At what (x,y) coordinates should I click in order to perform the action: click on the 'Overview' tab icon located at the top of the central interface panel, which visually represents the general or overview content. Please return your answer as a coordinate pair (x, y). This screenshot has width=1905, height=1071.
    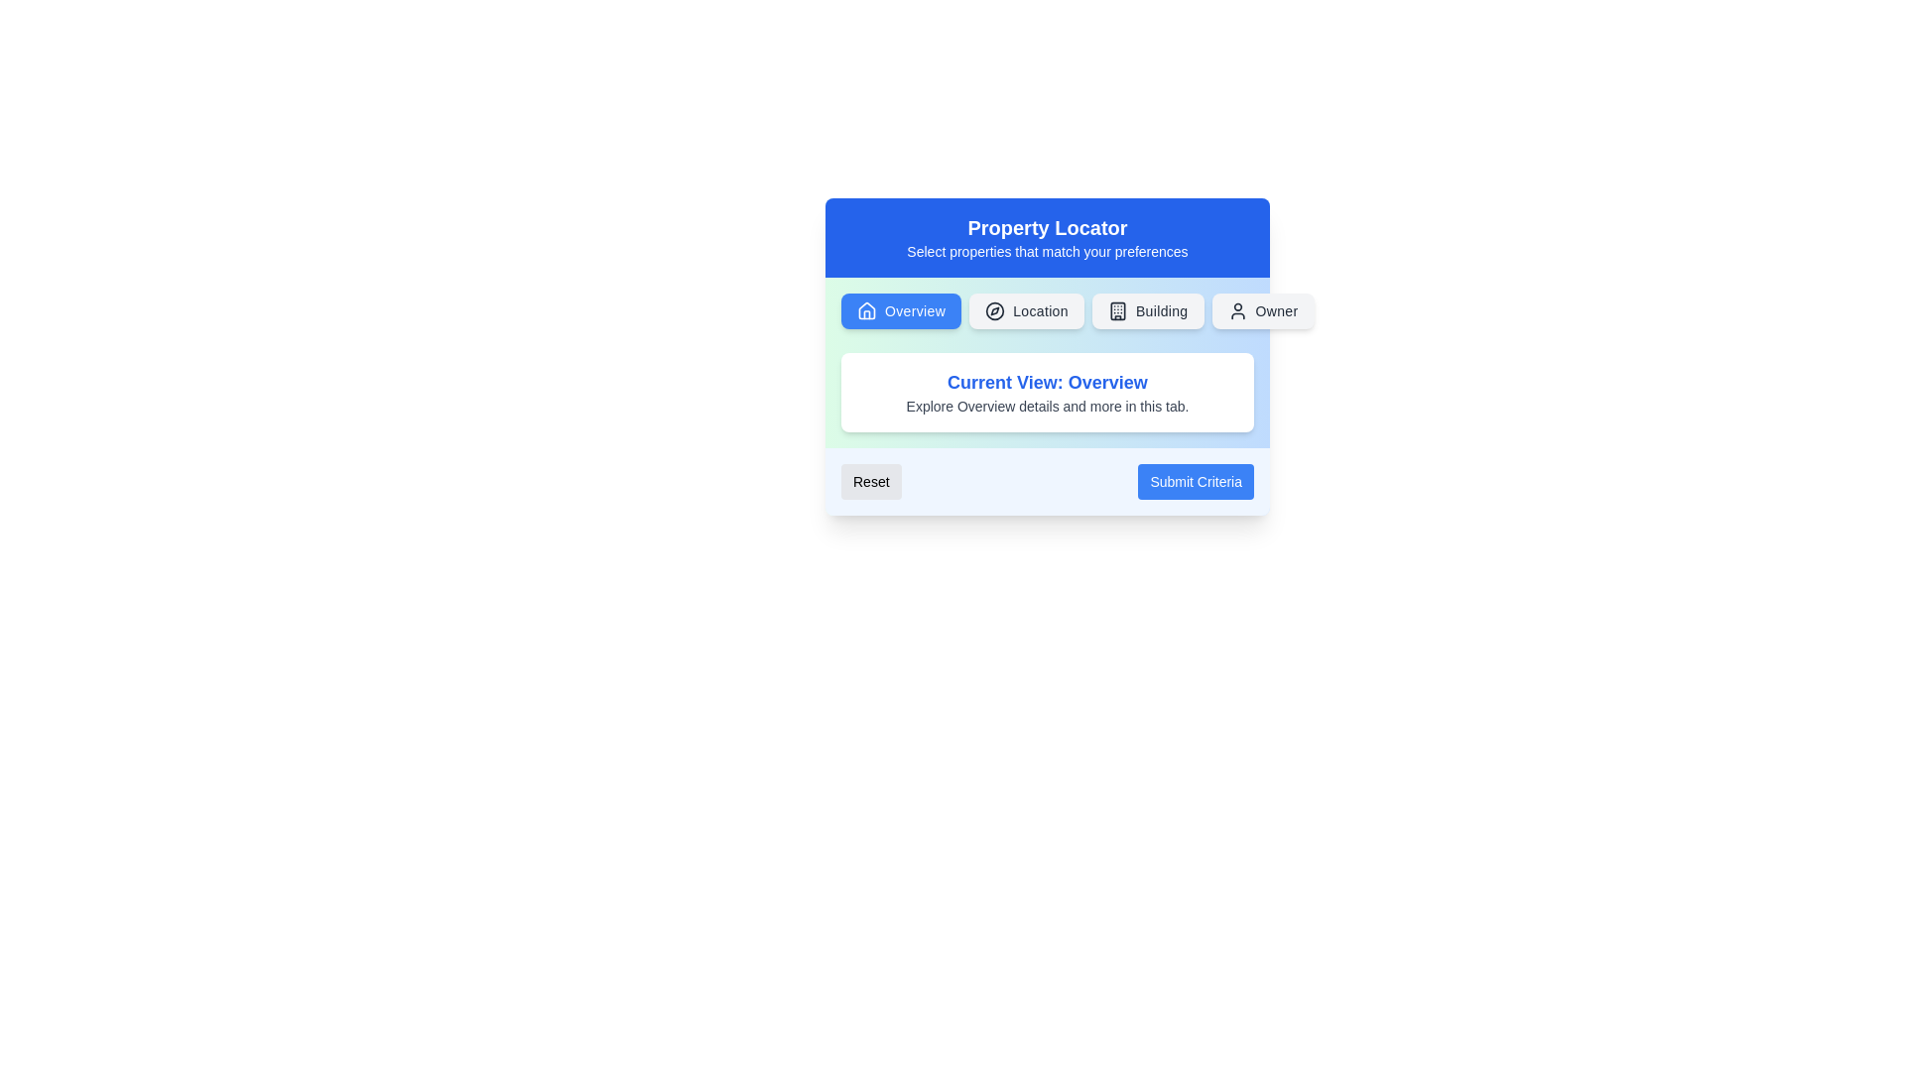
    Looking at the image, I should click on (866, 309).